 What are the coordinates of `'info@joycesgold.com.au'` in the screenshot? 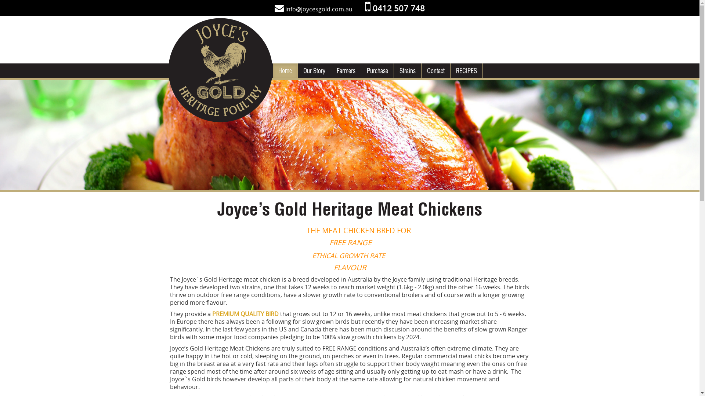 It's located at (319, 9).